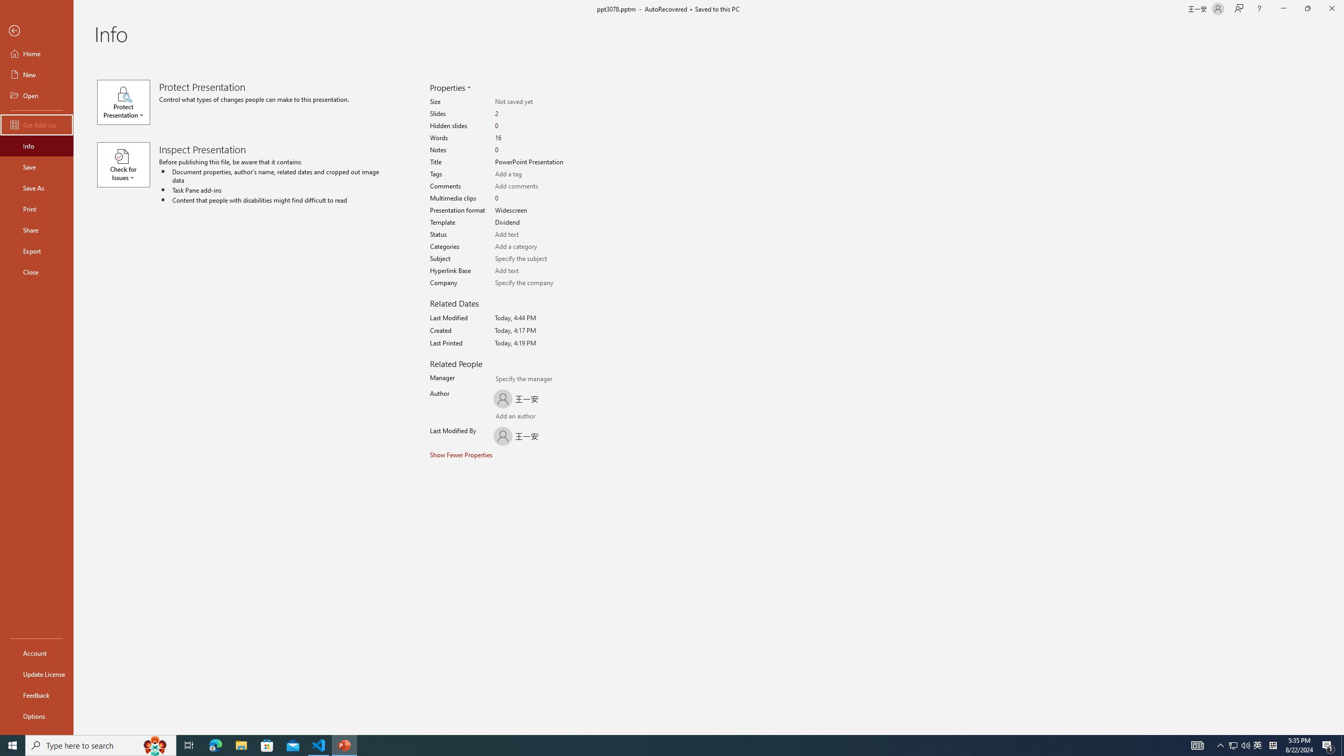 Image resolution: width=1344 pixels, height=756 pixels. What do you see at coordinates (500, 380) in the screenshot?
I see `'Specify the manager'` at bounding box center [500, 380].